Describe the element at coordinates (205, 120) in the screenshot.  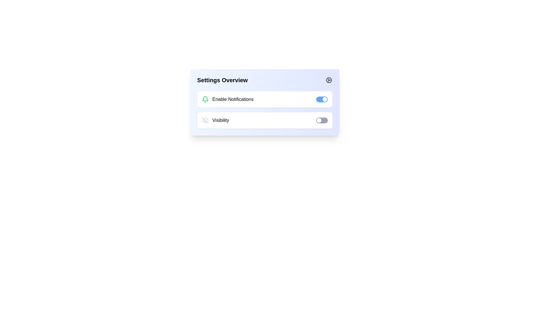
I see `the icon decoration representing the 'eye-off' symbol in the 'Visibility' toggle section of the settings interface` at that location.